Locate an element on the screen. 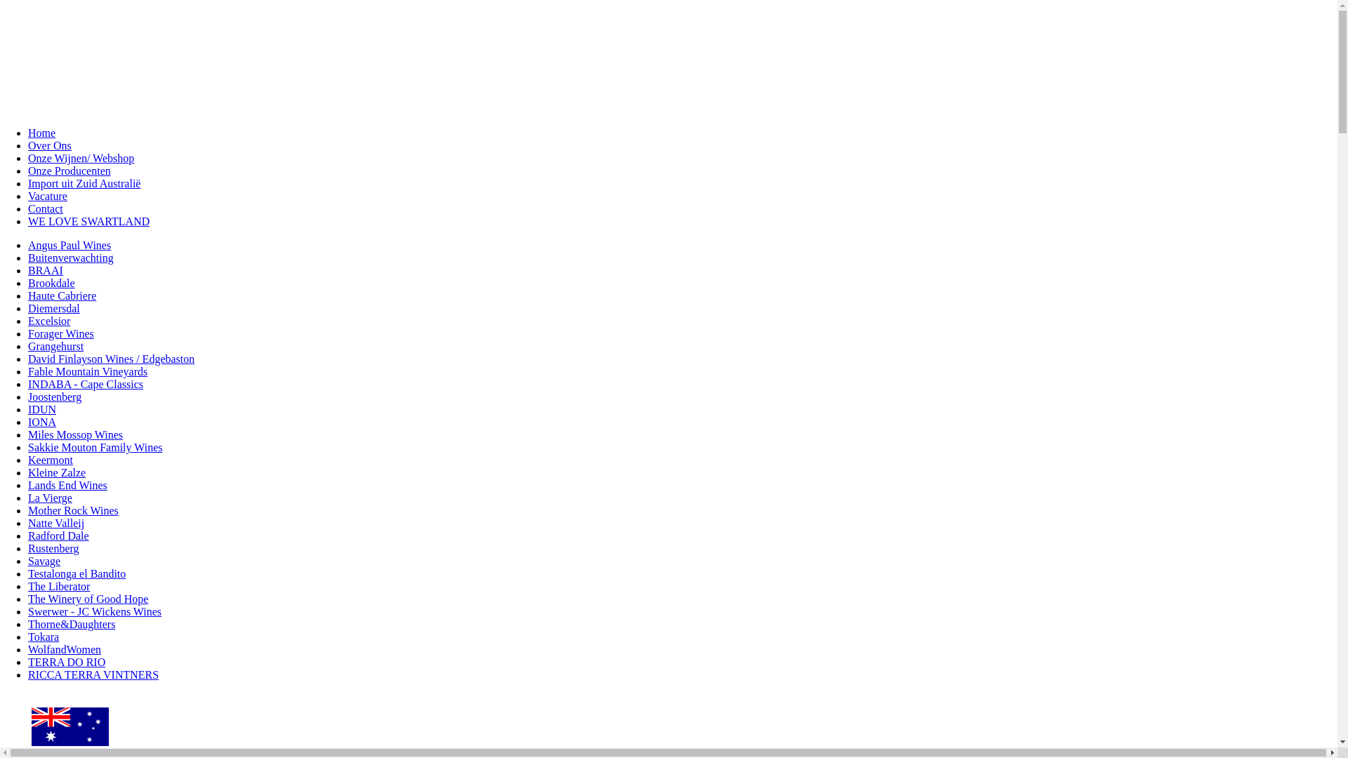  'WE LOVE SWARTLAND' is located at coordinates (88, 221).